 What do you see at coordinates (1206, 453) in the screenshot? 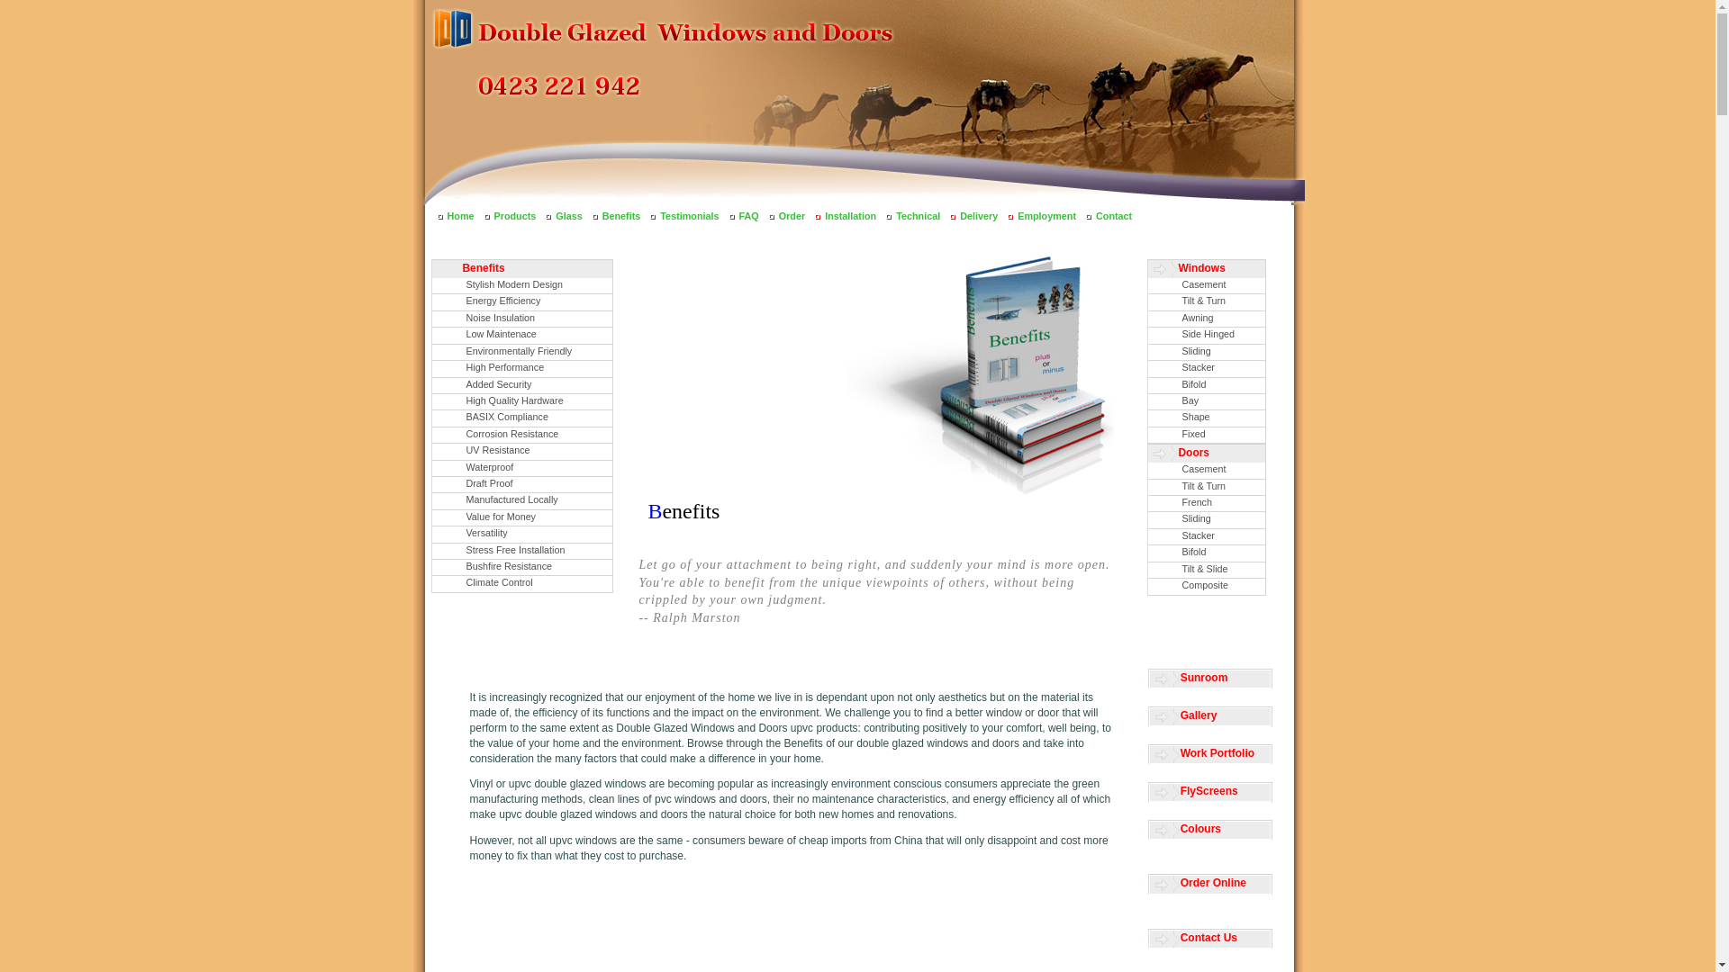
I see `'Doors'` at bounding box center [1206, 453].